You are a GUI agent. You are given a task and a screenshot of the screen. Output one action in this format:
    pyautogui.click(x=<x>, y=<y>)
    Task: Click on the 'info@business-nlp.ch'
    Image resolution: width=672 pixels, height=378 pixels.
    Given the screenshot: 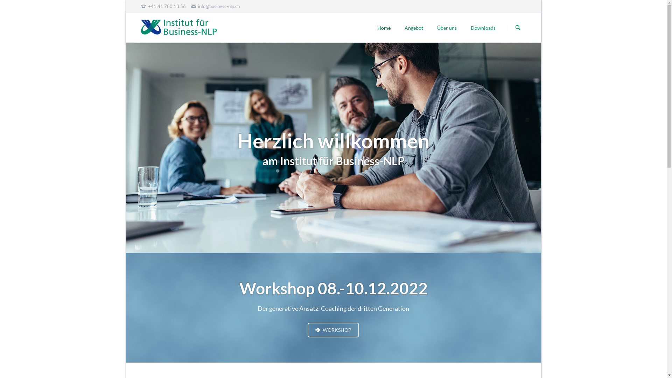 What is the action you would take?
    pyautogui.click(x=215, y=6)
    